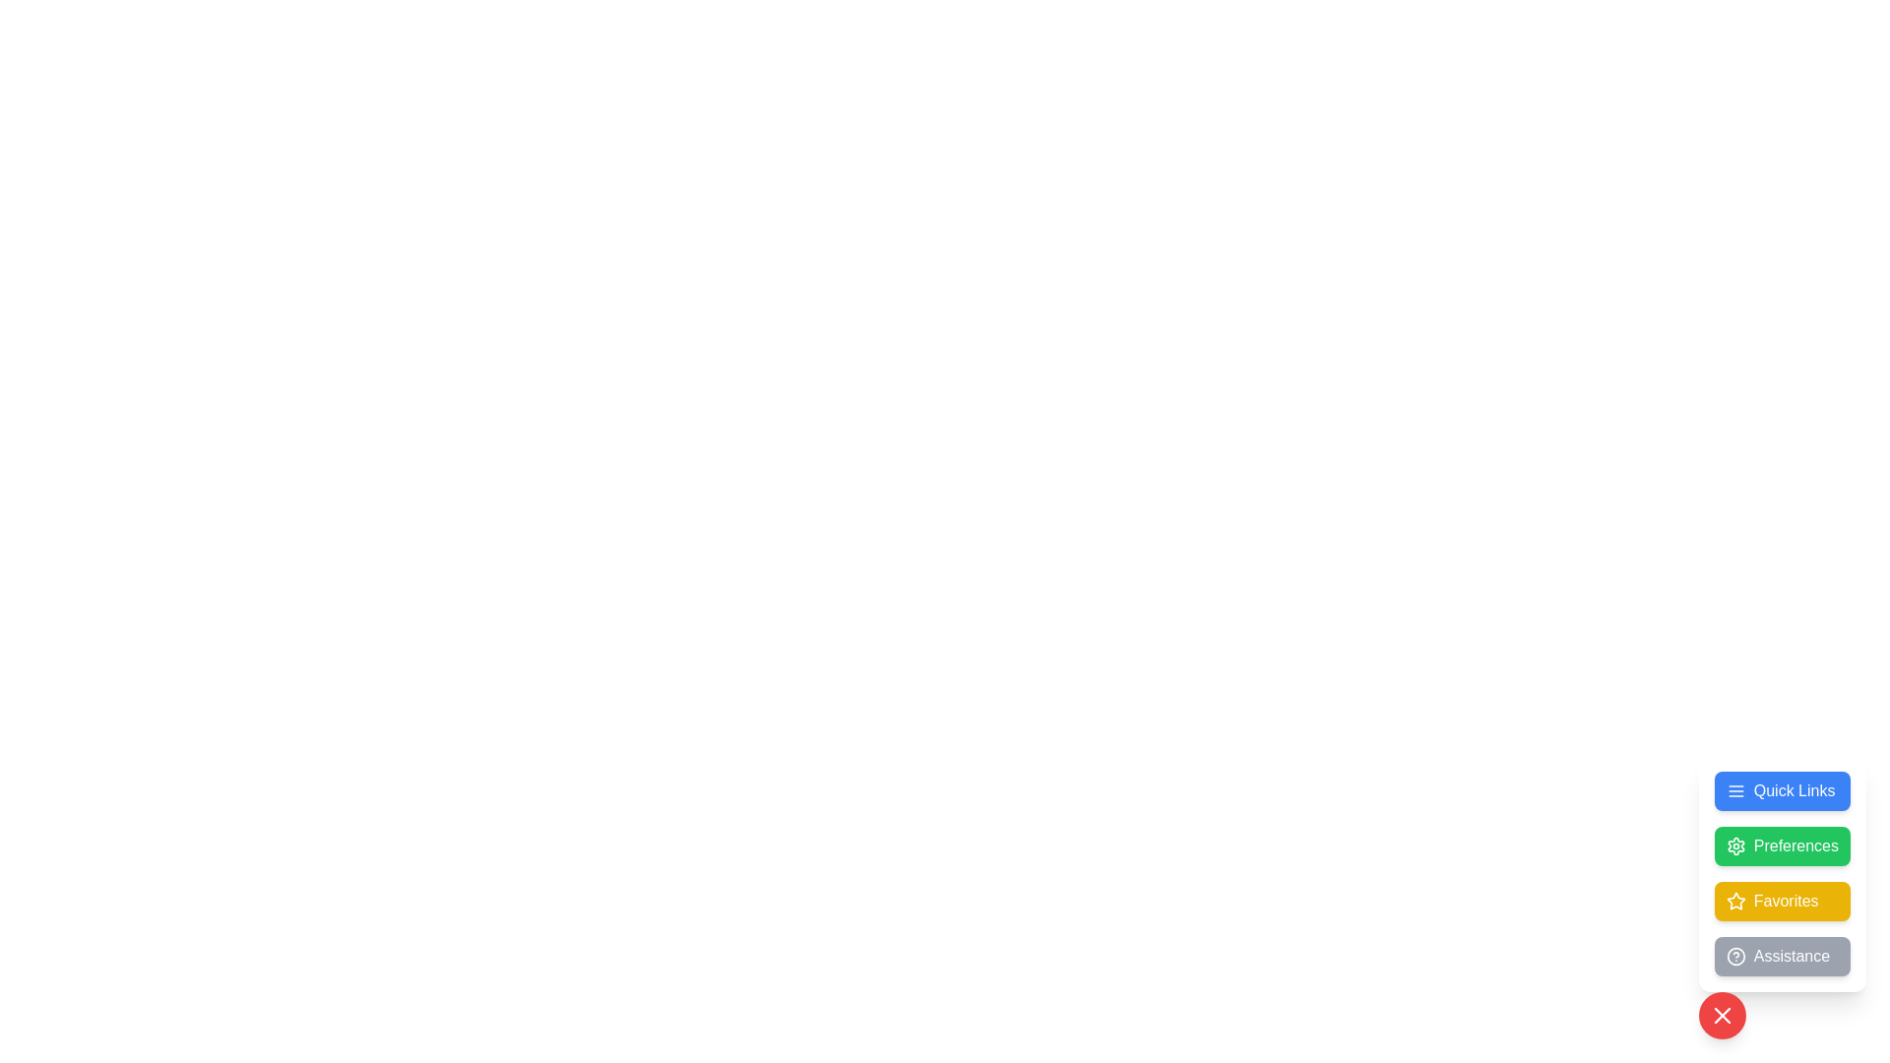  Describe the element at coordinates (1735, 956) in the screenshot. I see `the help icon located in the 'Assistance' option at the bottom-right corner of the interface` at that location.